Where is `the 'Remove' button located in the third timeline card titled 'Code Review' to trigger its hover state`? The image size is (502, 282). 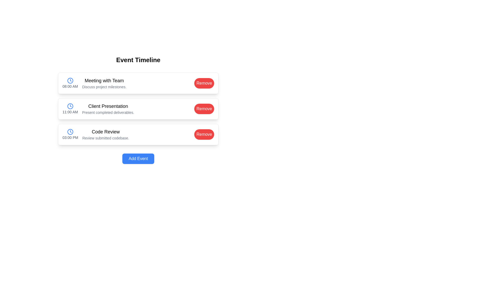
the 'Remove' button located in the third timeline card titled 'Code Review' to trigger its hover state is located at coordinates (204, 134).